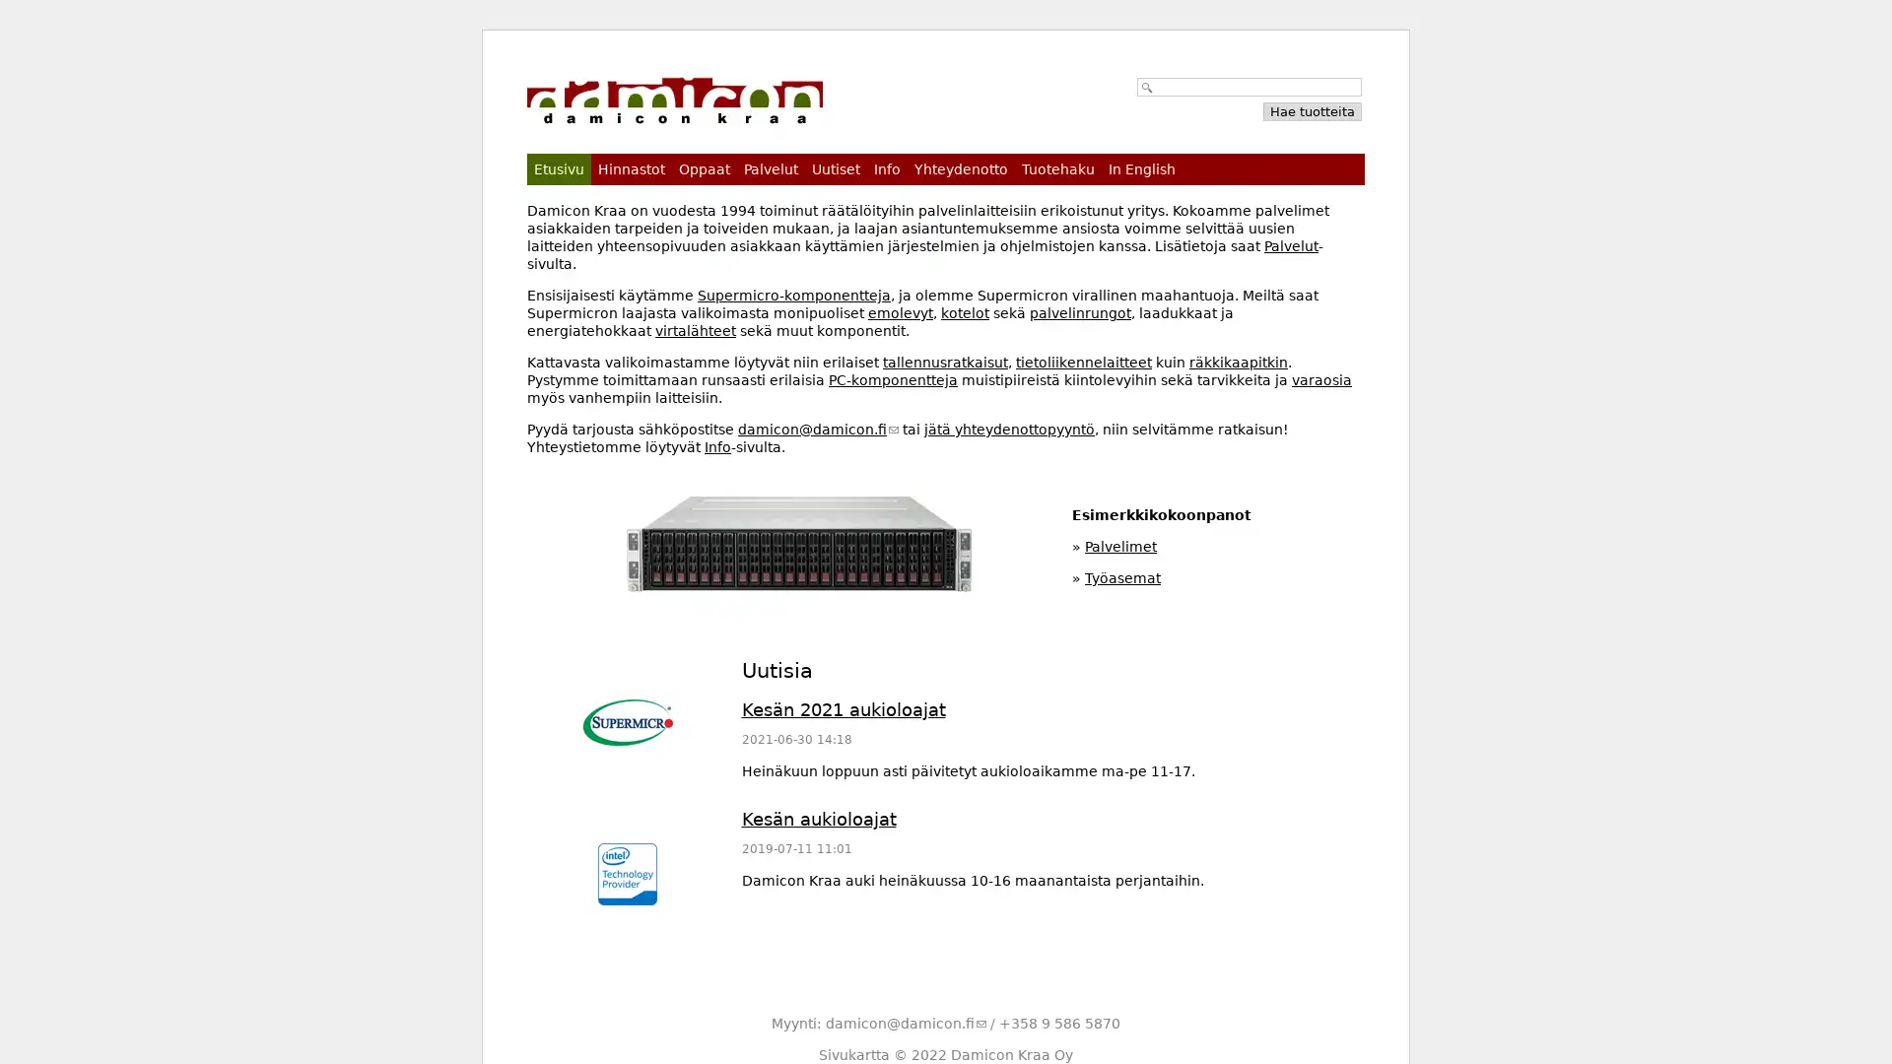 The width and height of the screenshot is (1892, 1064). What do you see at coordinates (1313, 111) in the screenshot?
I see `Hae tuotteita` at bounding box center [1313, 111].